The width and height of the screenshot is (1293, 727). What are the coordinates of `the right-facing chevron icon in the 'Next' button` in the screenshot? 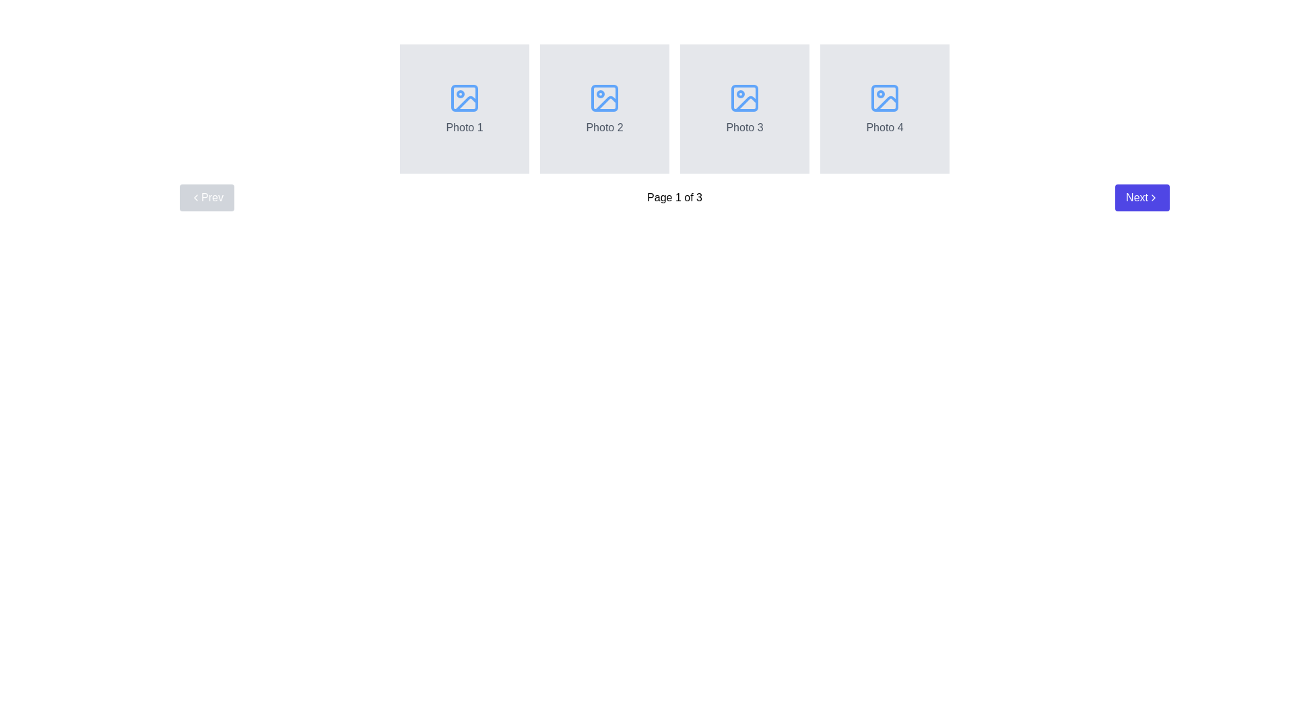 It's located at (1153, 197).